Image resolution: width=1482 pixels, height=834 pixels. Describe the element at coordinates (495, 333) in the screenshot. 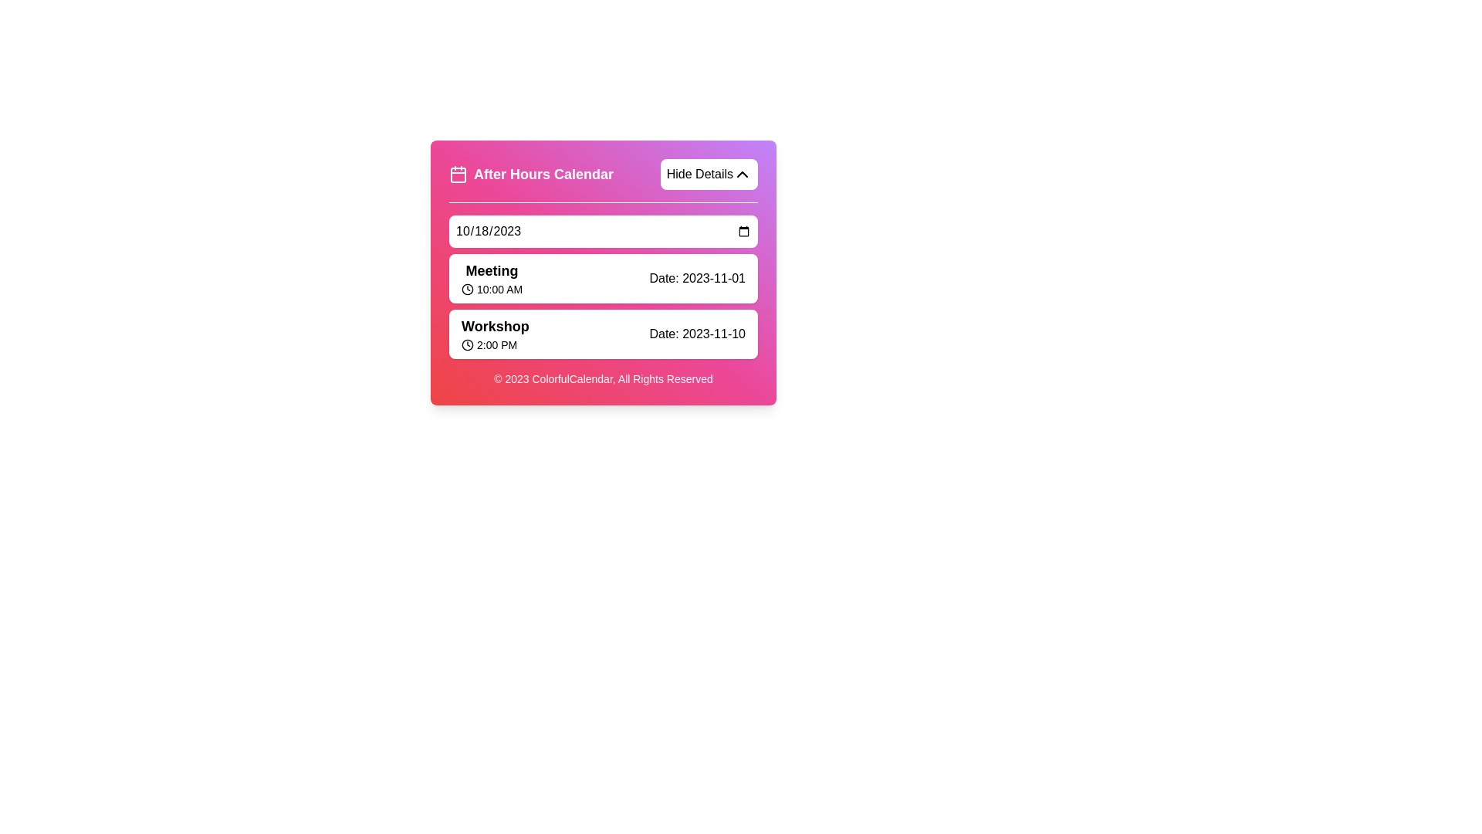

I see `the 'Workshop' event display that shows the time '2:00 PM' with a clock icon` at that location.